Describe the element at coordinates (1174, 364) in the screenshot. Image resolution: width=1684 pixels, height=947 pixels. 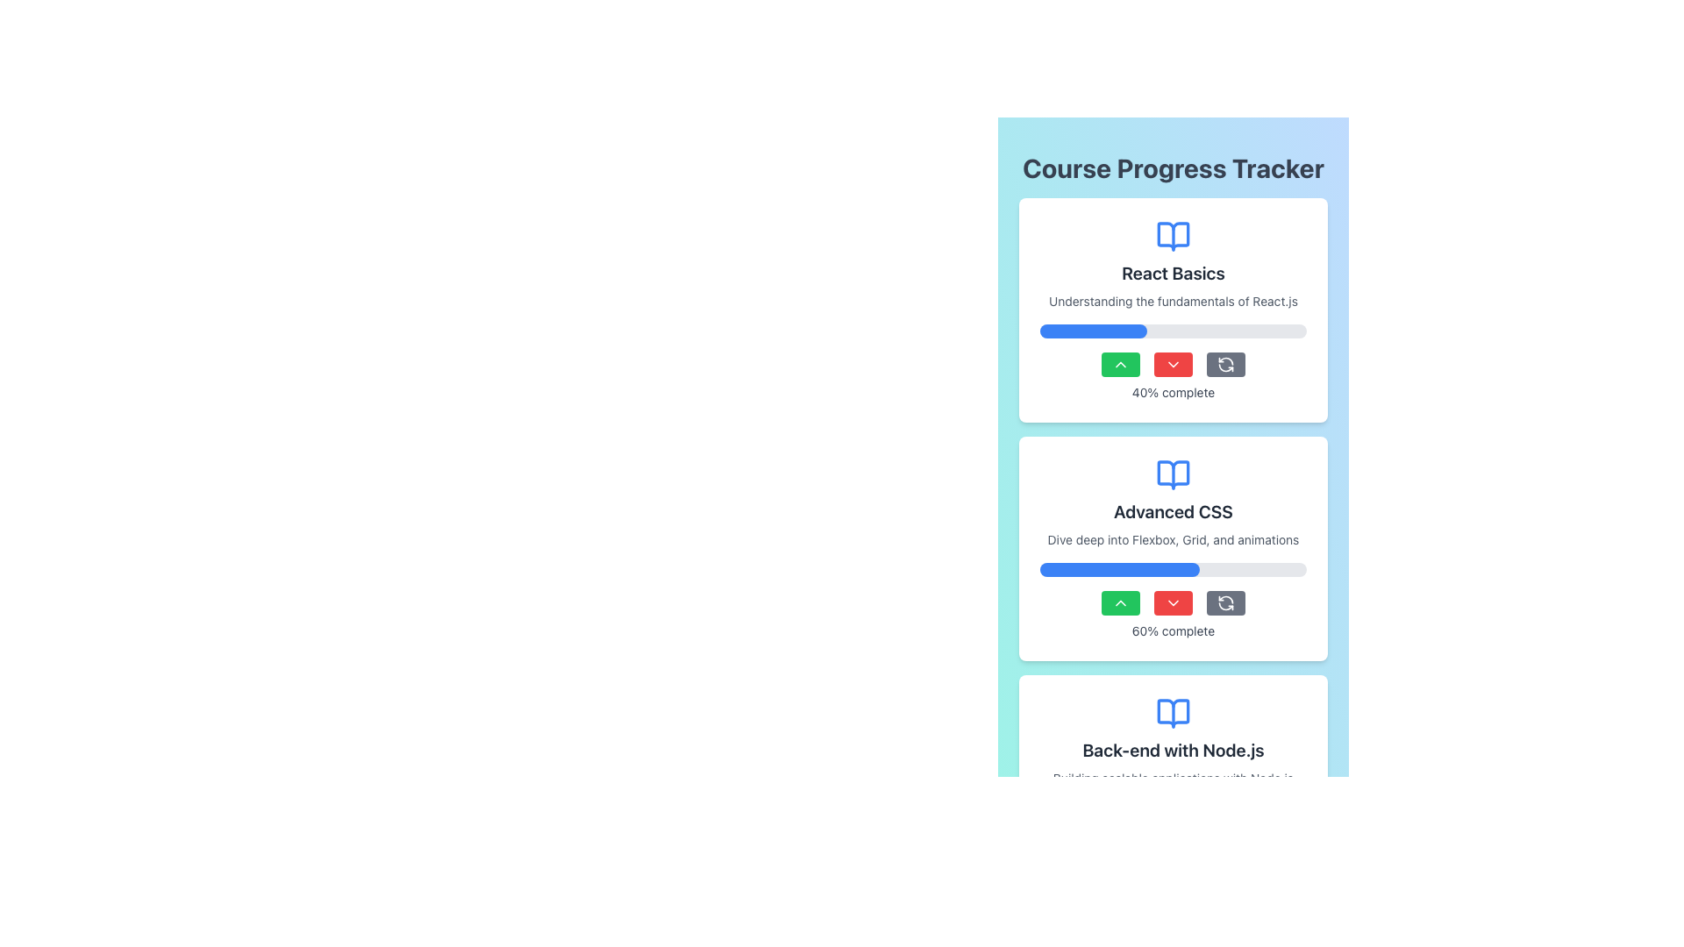
I see `the group of action buttons arranged horizontally located below the progress bar and the text '40% complete' in the 'React Basics' card of the 'Course Progress Tracker'` at that location.